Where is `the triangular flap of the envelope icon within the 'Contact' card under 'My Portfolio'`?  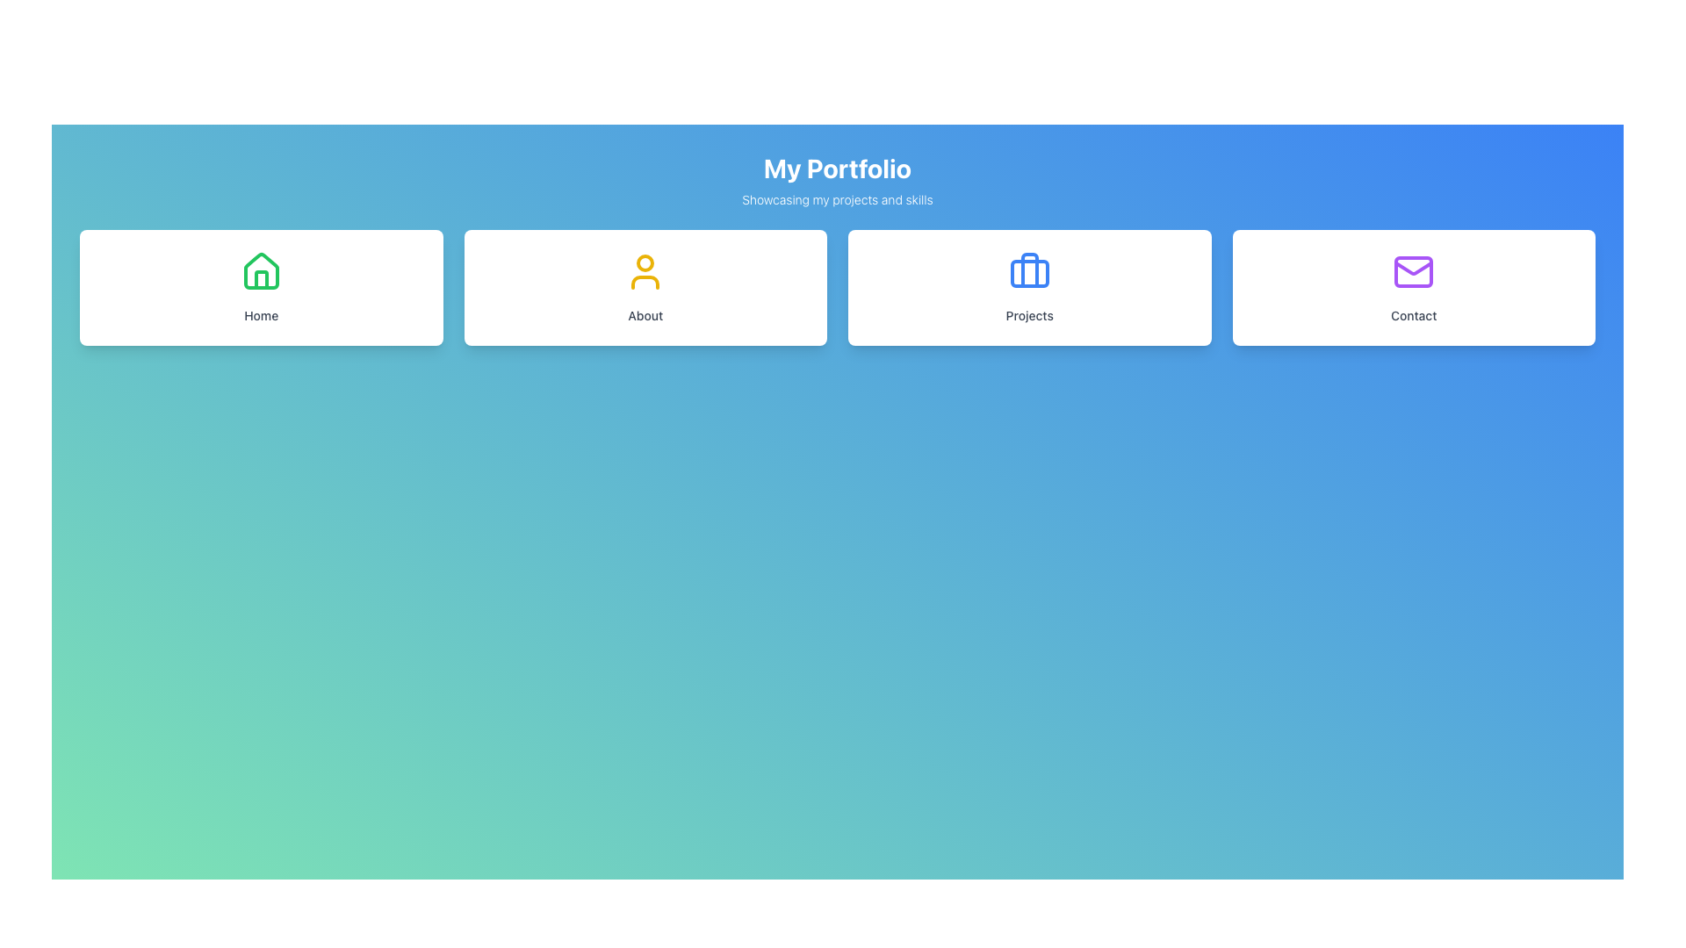
the triangular flap of the envelope icon within the 'Contact' card under 'My Portfolio' is located at coordinates (1414, 268).